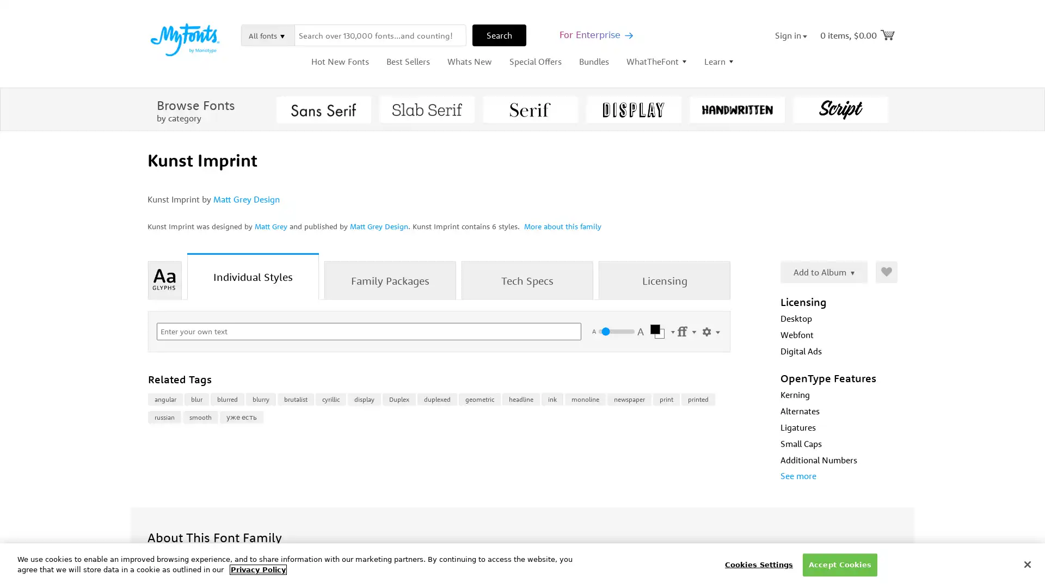 Image resolution: width=1045 pixels, height=588 pixels. Describe the element at coordinates (660, 331) in the screenshot. I see `Select Color` at that location.